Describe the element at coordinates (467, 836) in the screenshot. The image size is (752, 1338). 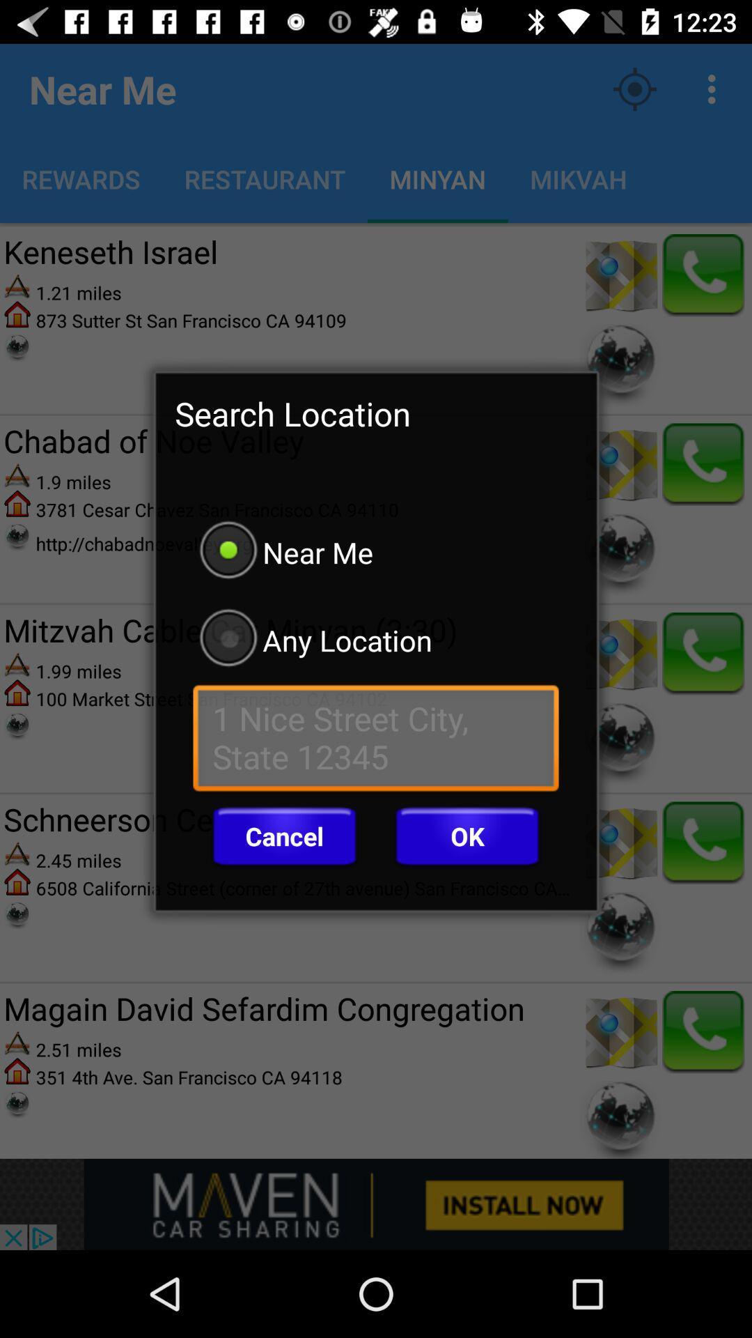
I see `ok item` at that location.